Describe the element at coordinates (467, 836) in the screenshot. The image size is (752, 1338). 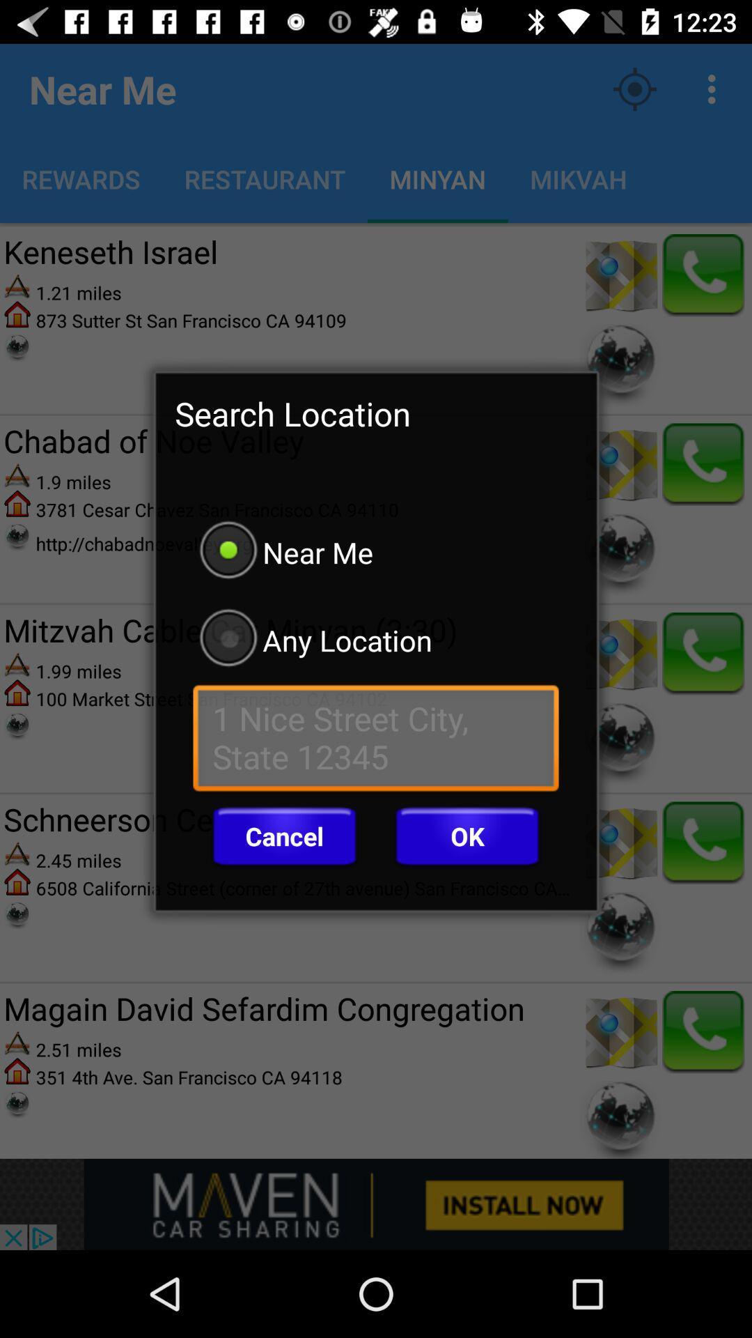
I see `ok item` at that location.